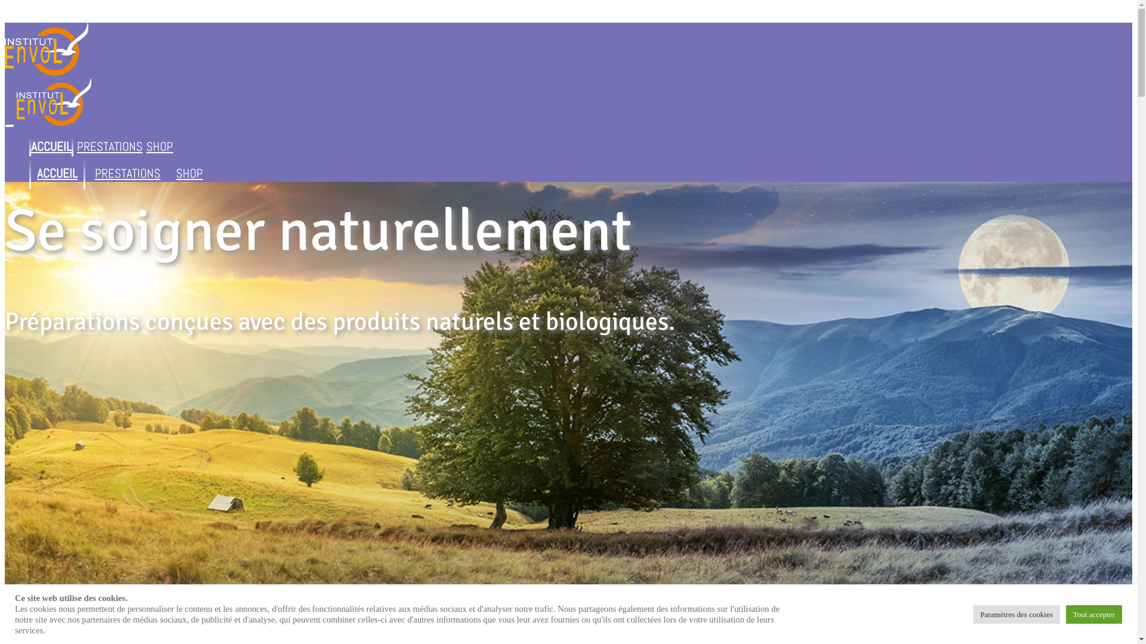 The image size is (1146, 644). I want to click on 'SHOP', so click(145, 145).